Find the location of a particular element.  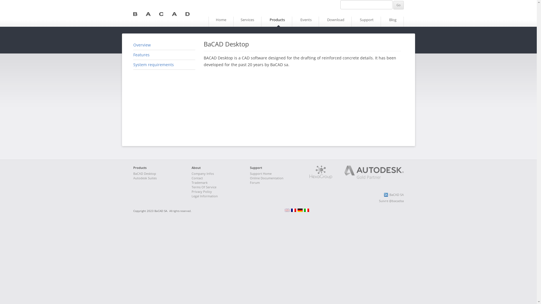

'Events' is located at coordinates (305, 21).